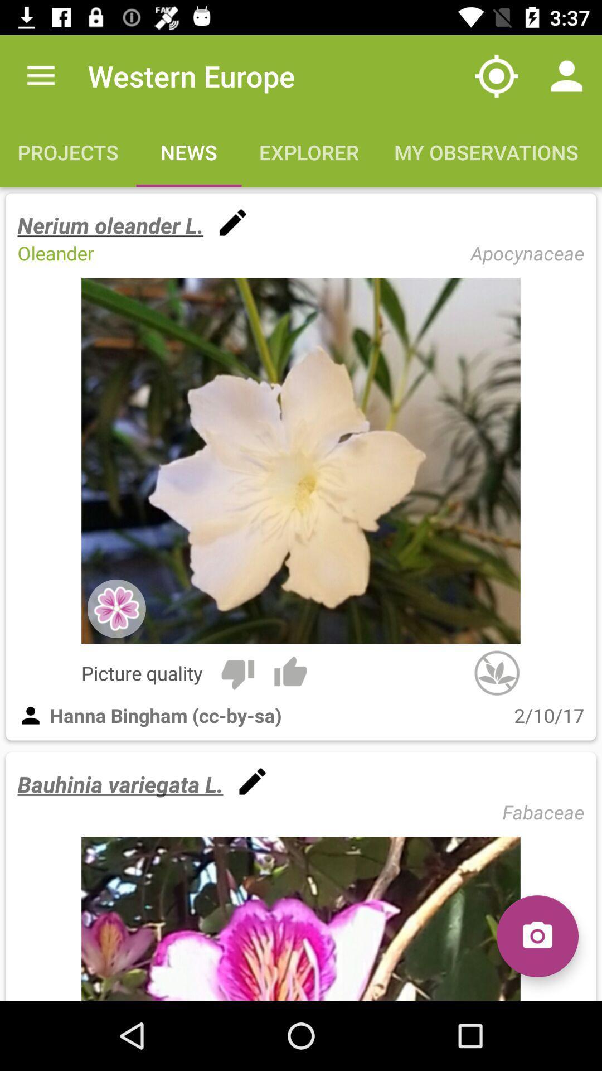 The image size is (602, 1071). Describe the element at coordinates (537, 936) in the screenshot. I see `the photo icon` at that location.